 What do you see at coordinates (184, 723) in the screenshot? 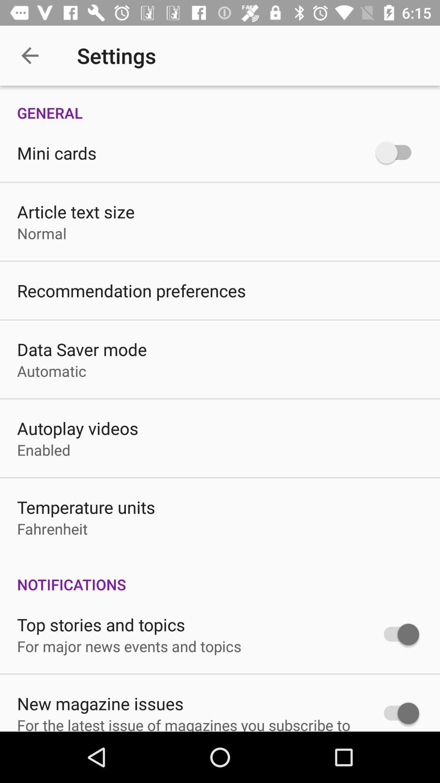
I see `icon below the new magazine issues icon` at bounding box center [184, 723].